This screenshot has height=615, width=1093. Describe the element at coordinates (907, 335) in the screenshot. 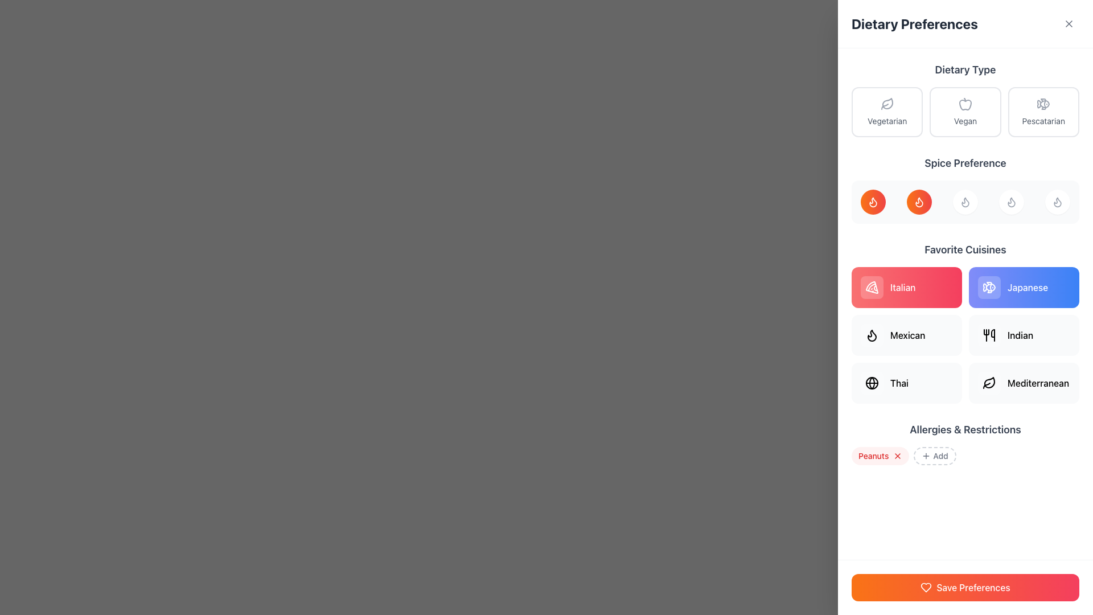

I see `the 'Mexican' cuisine text label in the second row of the 'Favorite Cuisines' section` at that location.